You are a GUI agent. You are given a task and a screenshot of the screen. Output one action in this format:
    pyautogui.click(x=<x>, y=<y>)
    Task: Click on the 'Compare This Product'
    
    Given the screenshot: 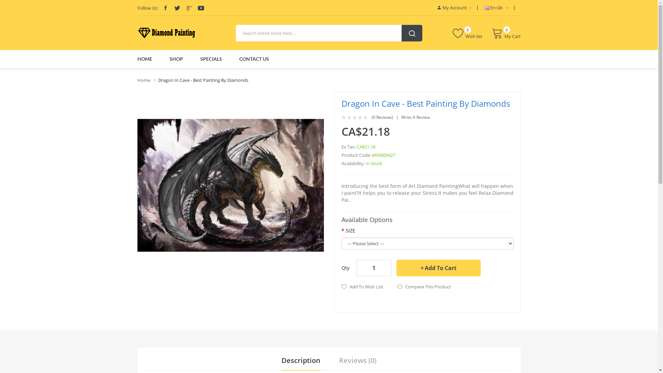 What is the action you would take?
    pyautogui.click(x=424, y=286)
    